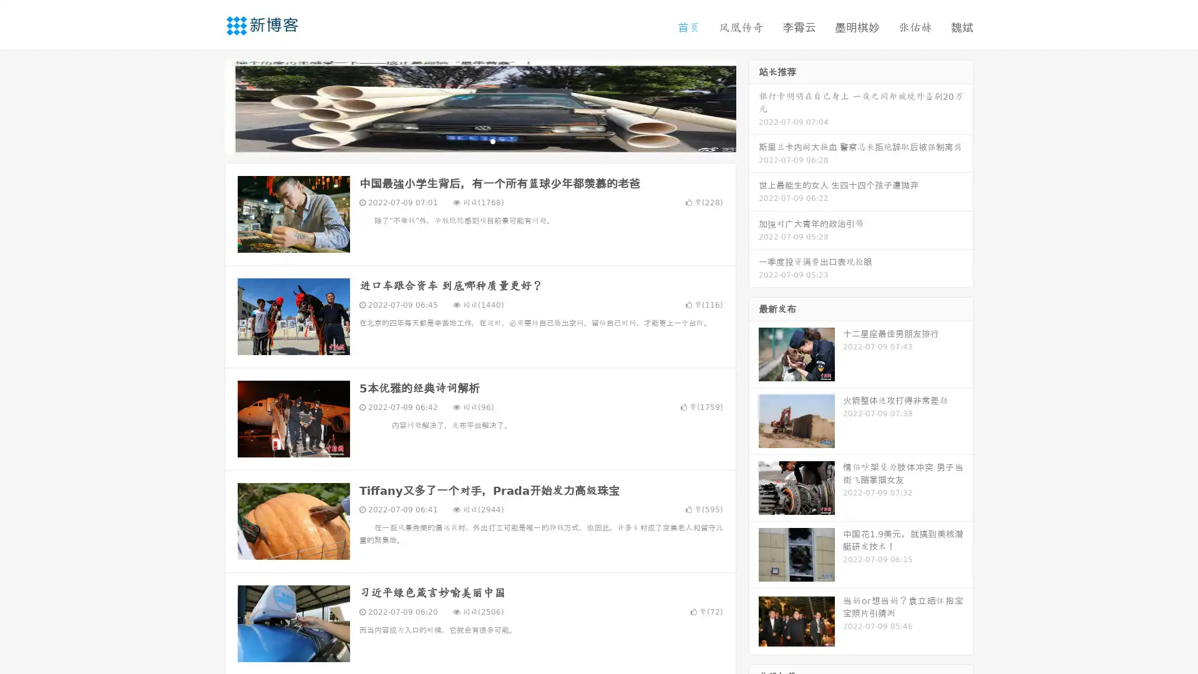 The image size is (1198, 674). I want to click on Go to slide 2, so click(479, 140).